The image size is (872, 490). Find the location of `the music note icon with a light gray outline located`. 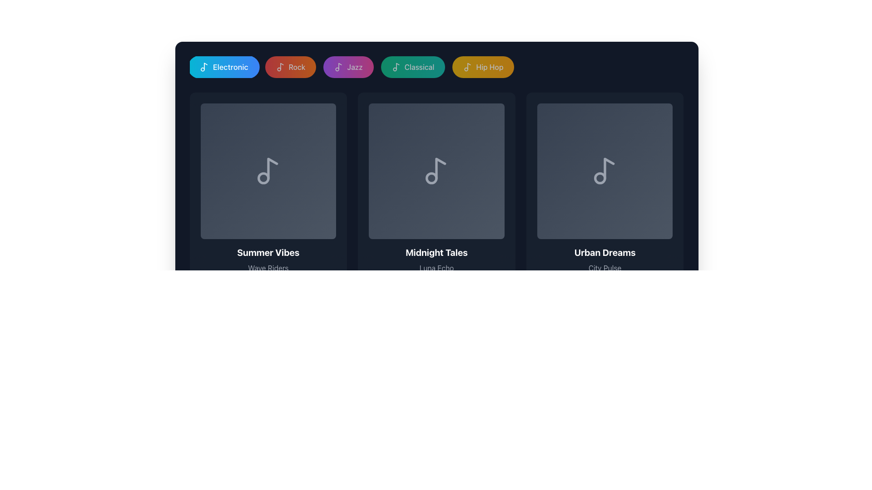

the music note icon with a light gray outline located is located at coordinates (436, 171).